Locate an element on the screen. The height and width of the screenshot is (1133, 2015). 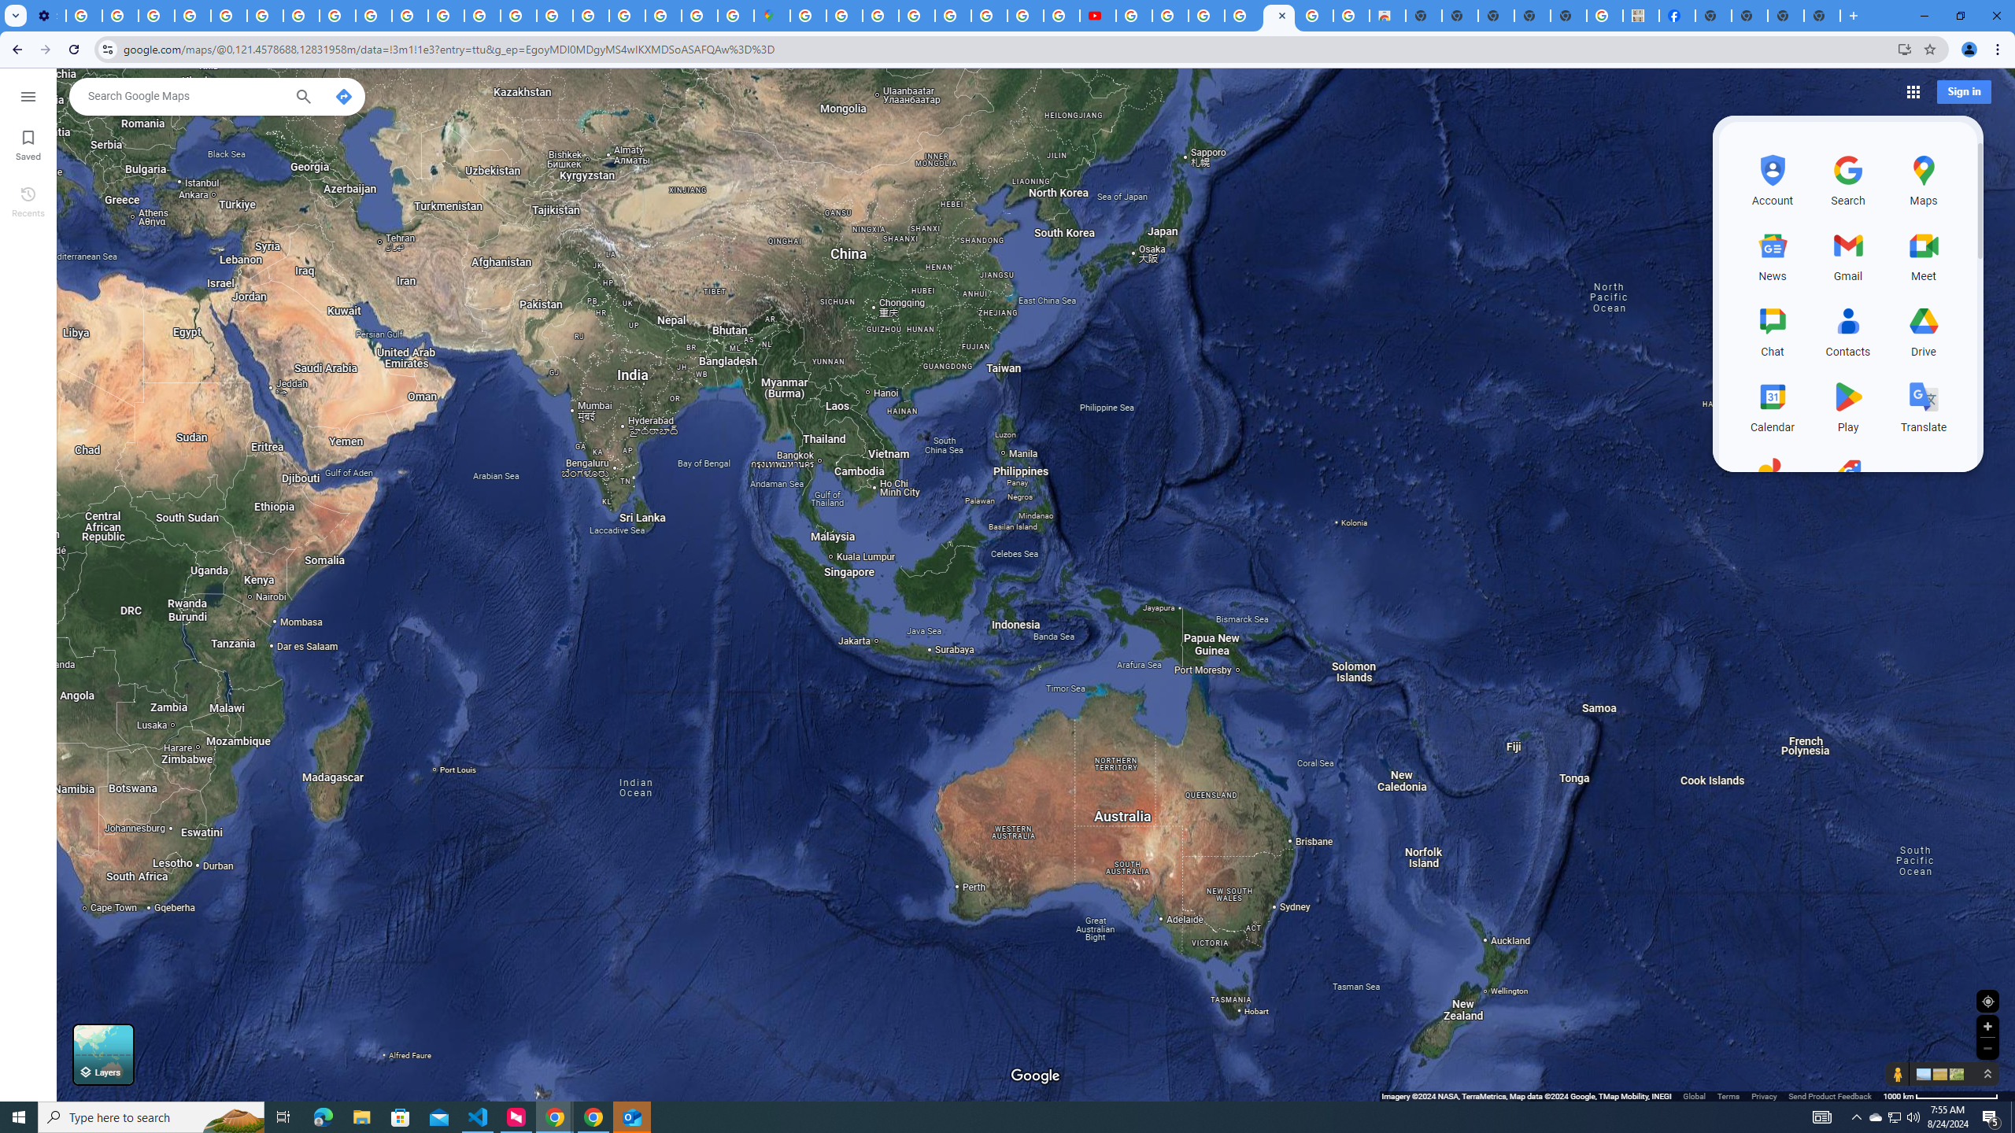
'Send Product Feedback' is located at coordinates (1829, 1096).